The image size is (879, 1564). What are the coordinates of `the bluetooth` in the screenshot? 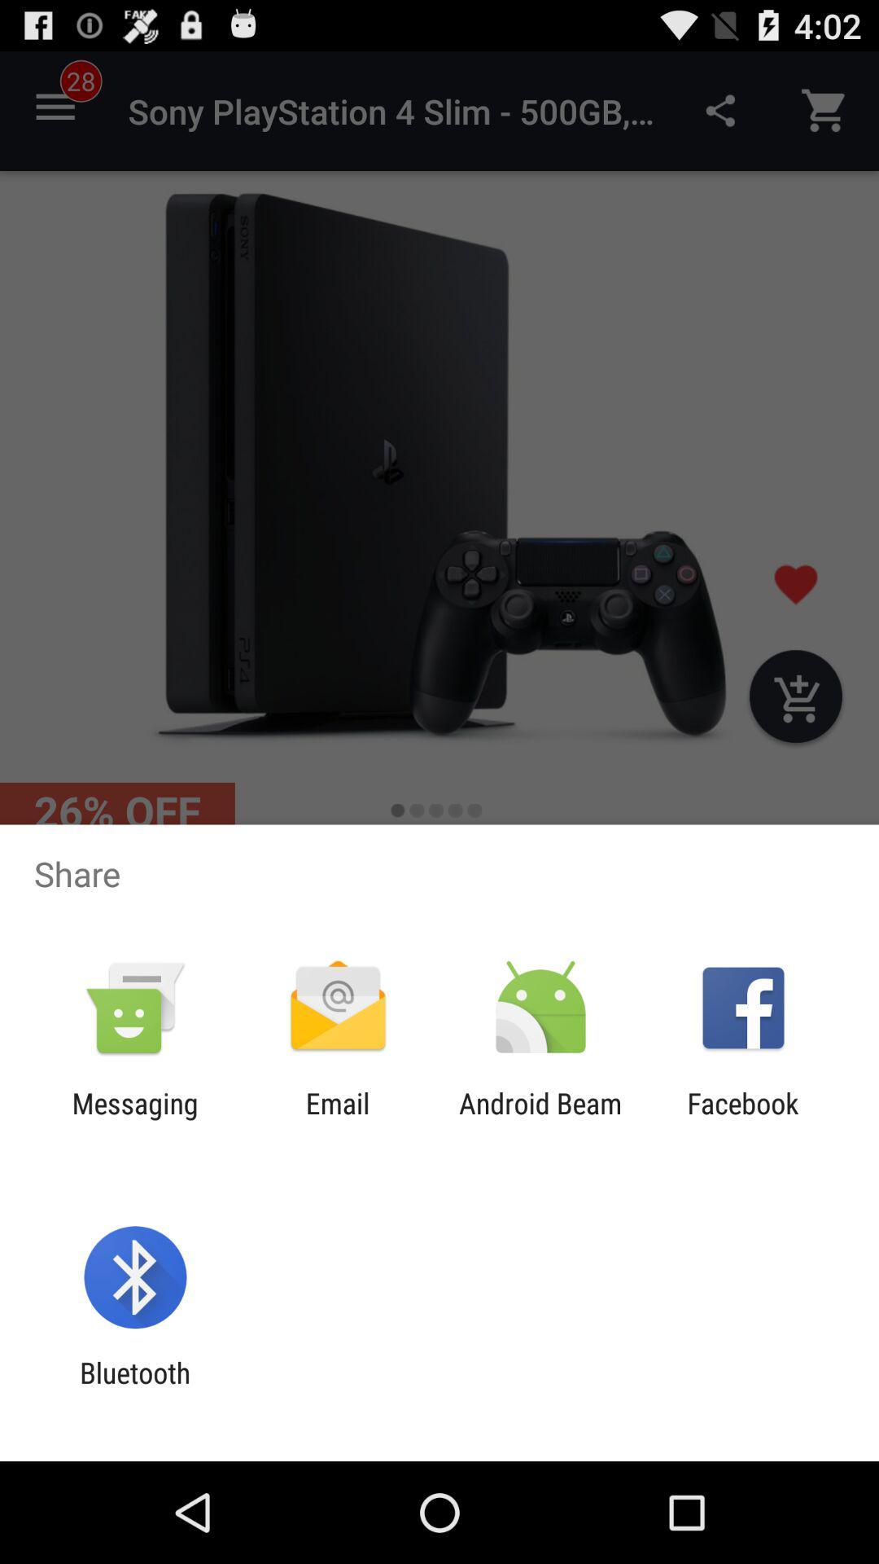 It's located at (134, 1389).